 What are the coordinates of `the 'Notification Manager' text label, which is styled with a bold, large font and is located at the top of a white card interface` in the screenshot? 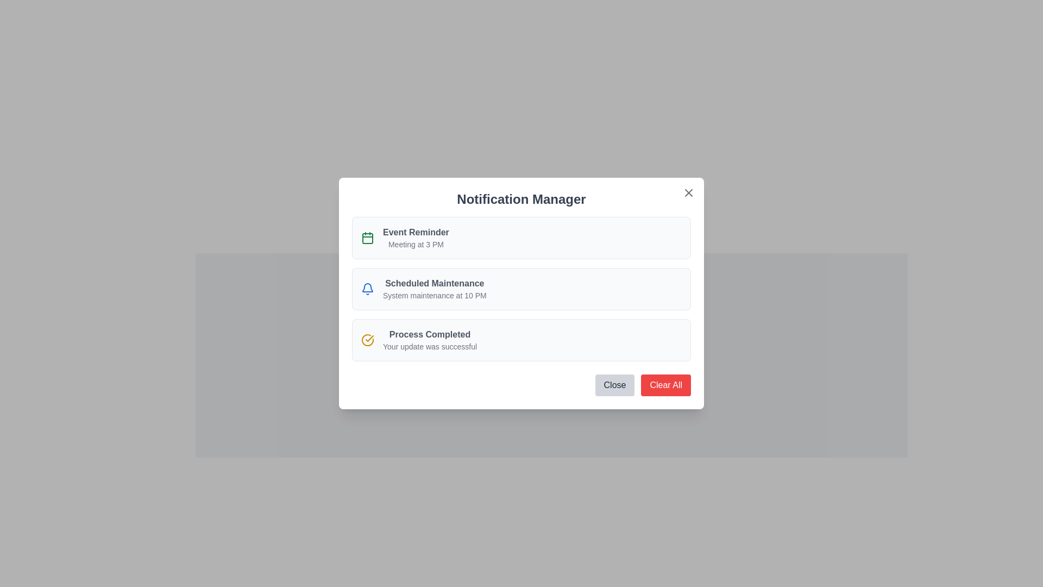 It's located at (521, 199).